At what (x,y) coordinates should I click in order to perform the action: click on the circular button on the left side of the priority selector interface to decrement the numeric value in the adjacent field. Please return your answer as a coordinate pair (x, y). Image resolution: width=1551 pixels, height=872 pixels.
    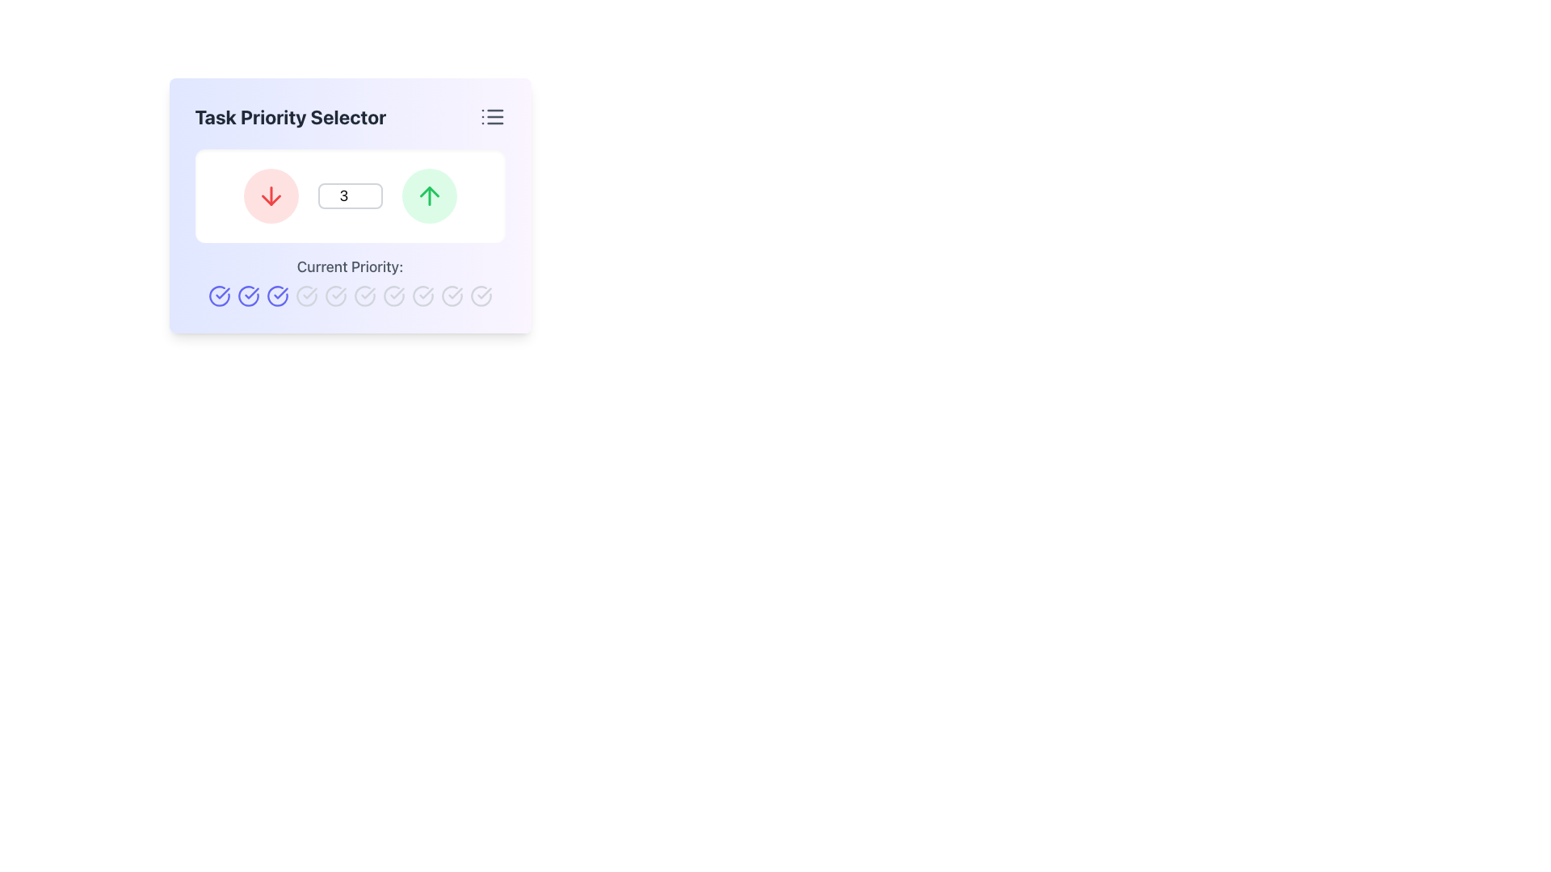
    Looking at the image, I should click on (271, 195).